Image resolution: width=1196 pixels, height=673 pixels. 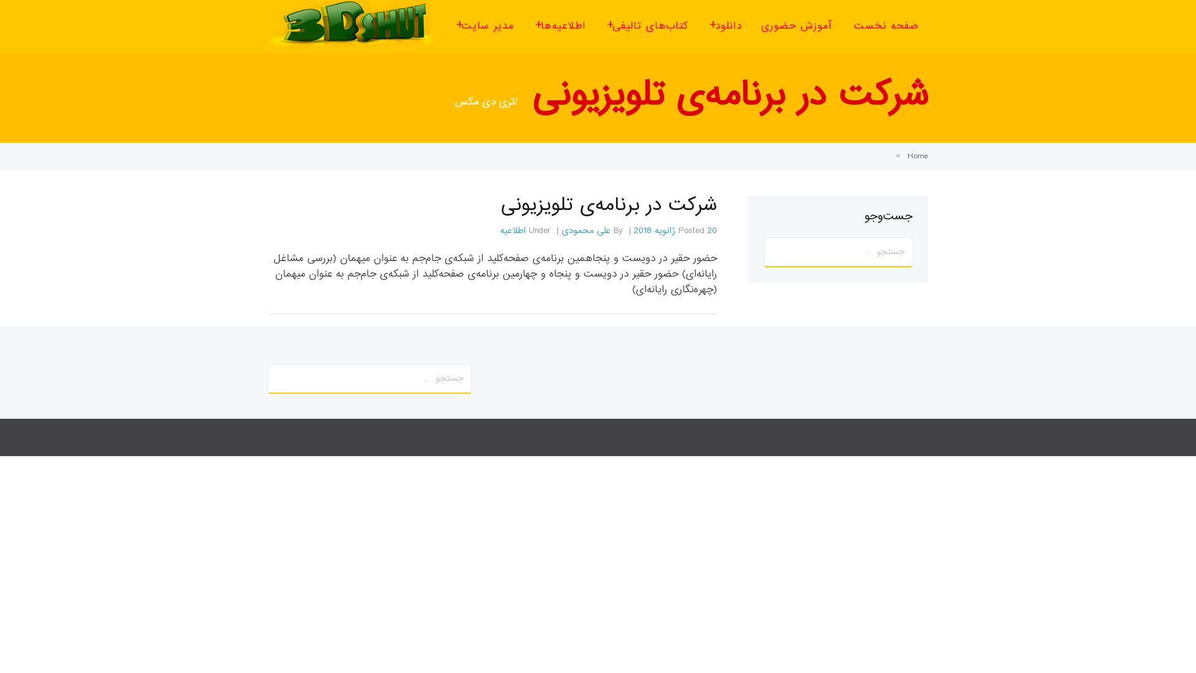 I want to click on 'Home', so click(x=918, y=155).